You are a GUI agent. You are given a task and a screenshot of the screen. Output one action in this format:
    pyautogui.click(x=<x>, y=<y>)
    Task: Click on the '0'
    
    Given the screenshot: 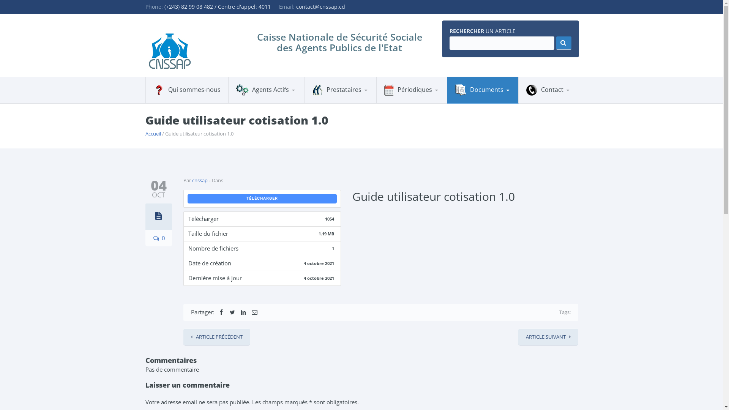 What is the action you would take?
    pyautogui.click(x=158, y=238)
    